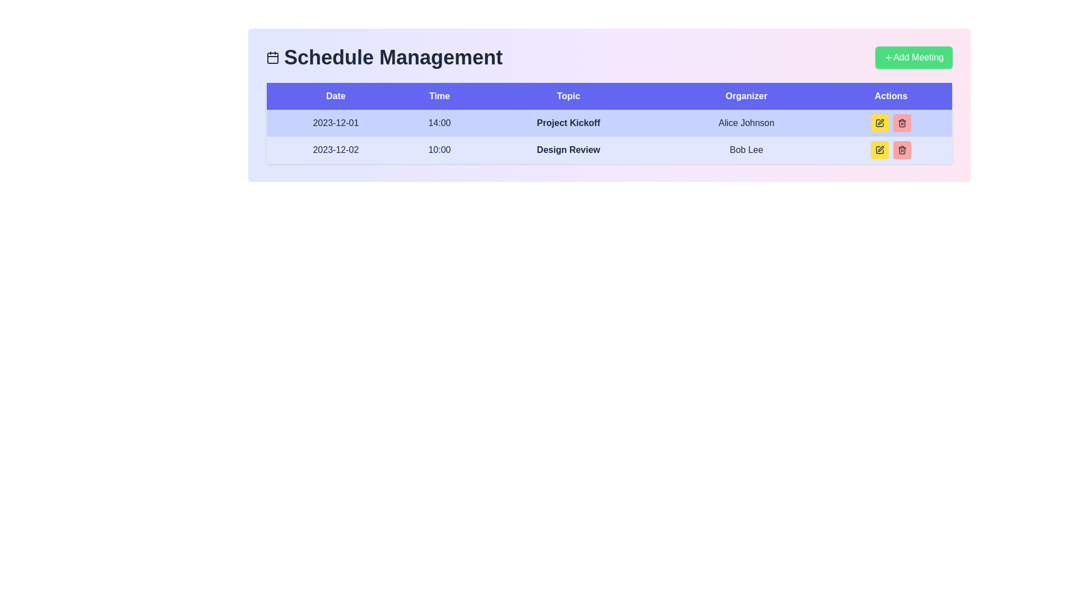 Image resolution: width=1076 pixels, height=605 pixels. What do you see at coordinates (335, 95) in the screenshot?
I see `the 'Date' text label in the header row of the table, which is displayed in white on a purple background` at bounding box center [335, 95].